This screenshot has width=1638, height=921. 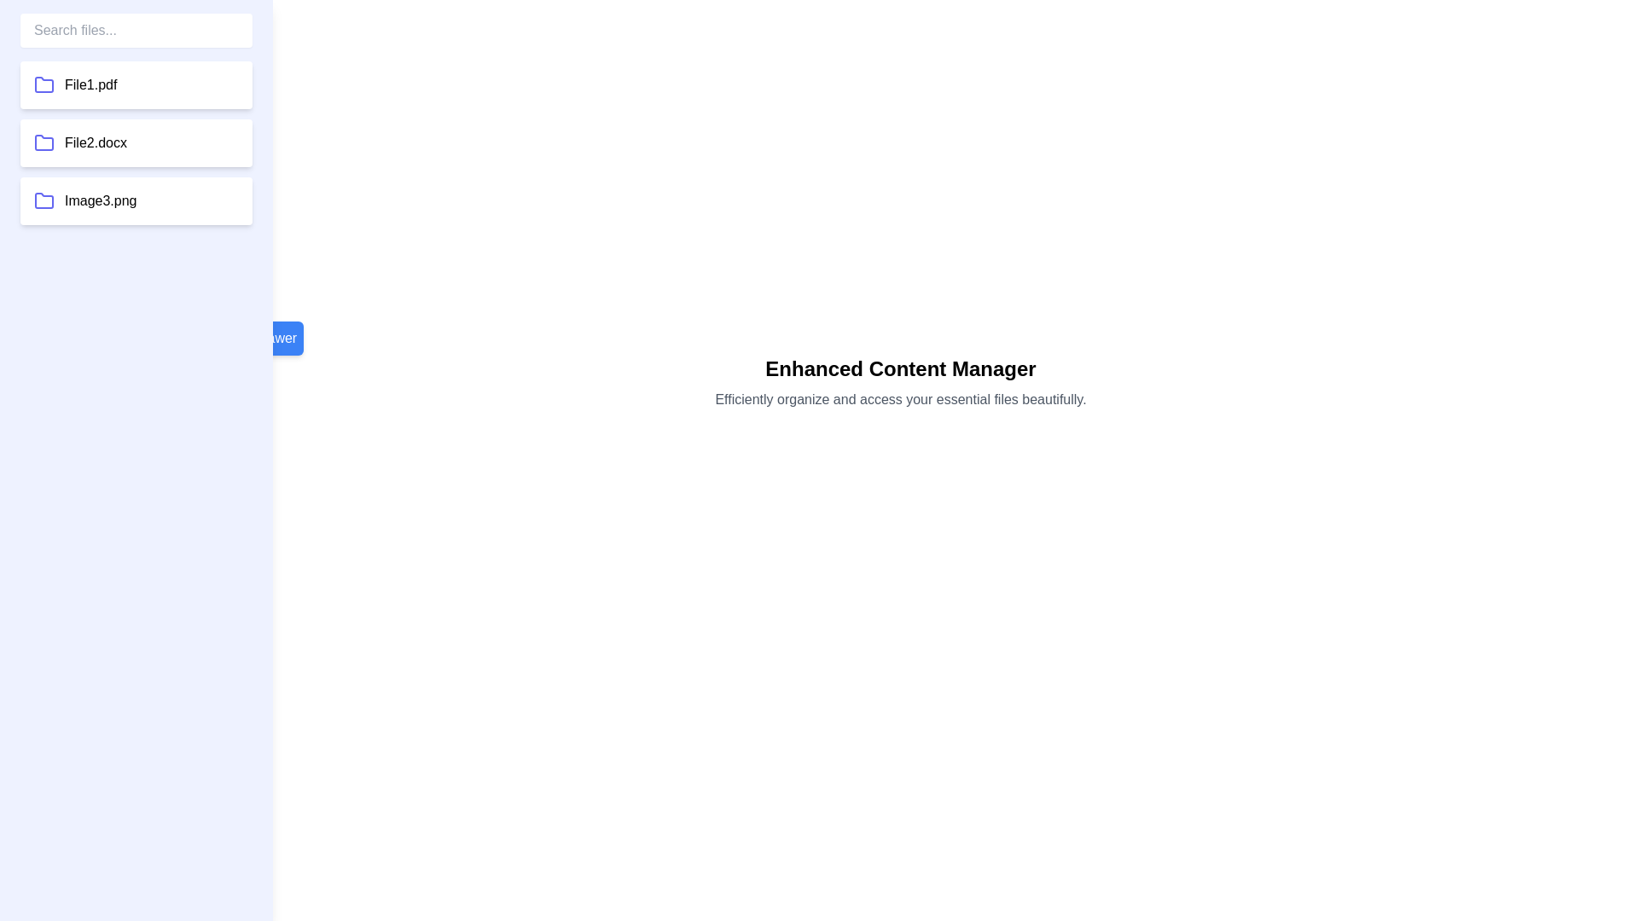 What do you see at coordinates (135, 85) in the screenshot?
I see `the file File1.pdf from the list in the drawer` at bounding box center [135, 85].